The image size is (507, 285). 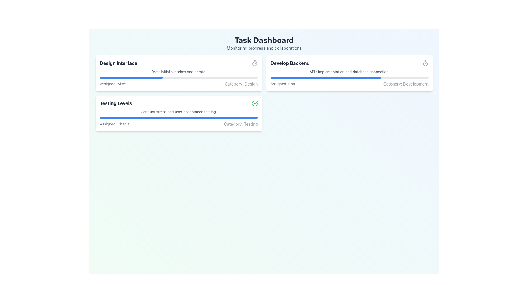 What do you see at coordinates (264, 48) in the screenshot?
I see `the static text element that reads 'Monitoring progress and collaborations', which is located directly below the 'Task Dashboard' header at the top-center of the interface` at bounding box center [264, 48].